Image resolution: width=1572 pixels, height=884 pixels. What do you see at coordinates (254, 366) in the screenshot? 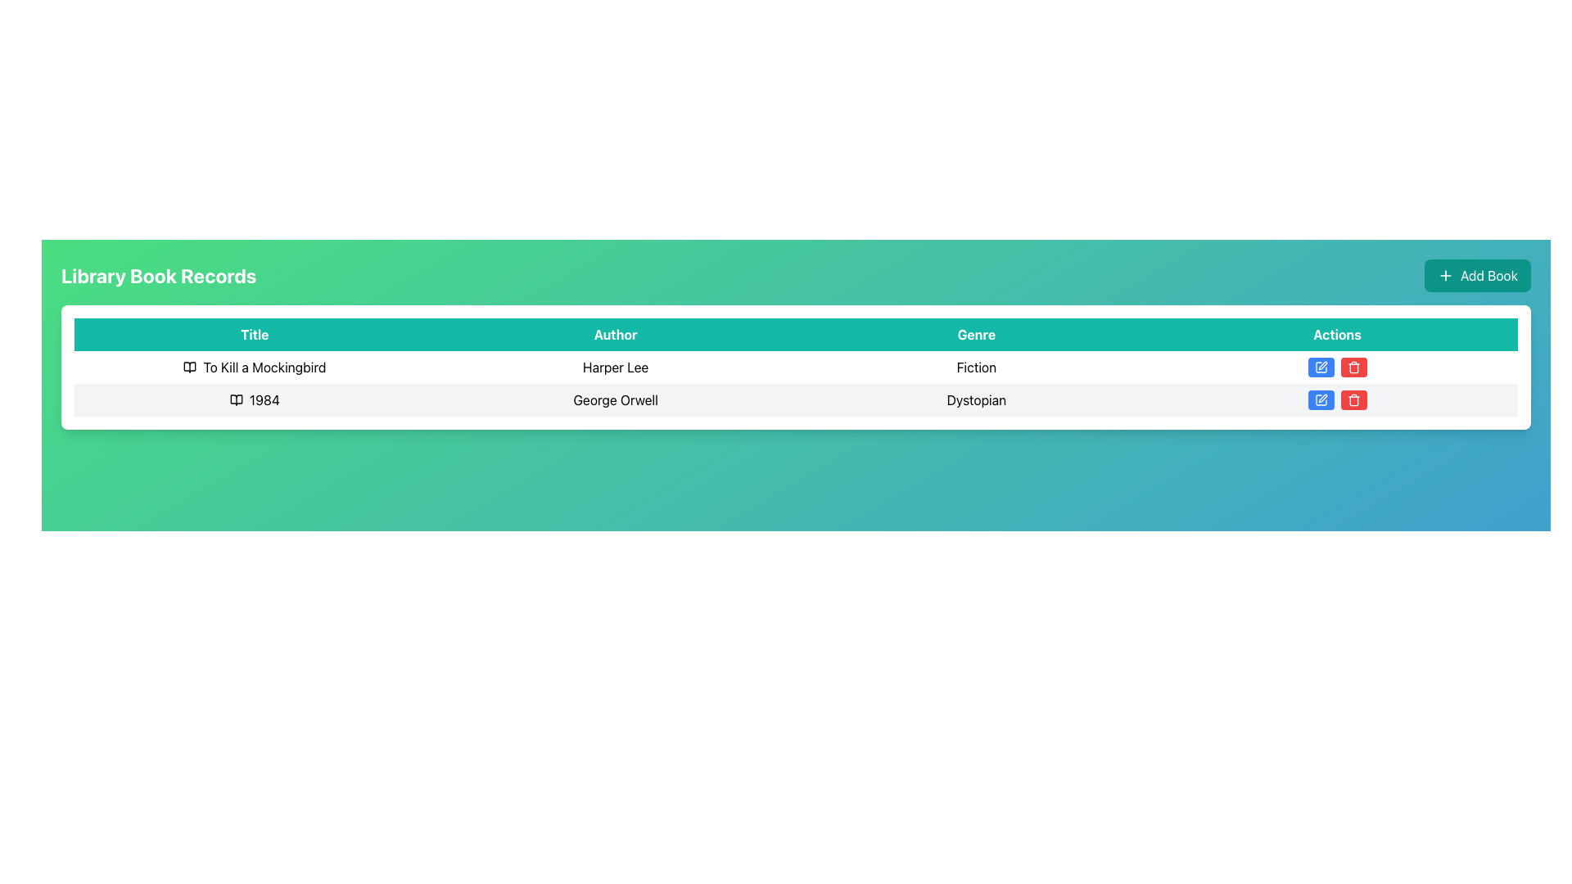
I see `text 'To Kill a Mockingbird' accompanied by an open book icon located in the first cell under the 'Title' column of the first row in the book records table` at bounding box center [254, 366].